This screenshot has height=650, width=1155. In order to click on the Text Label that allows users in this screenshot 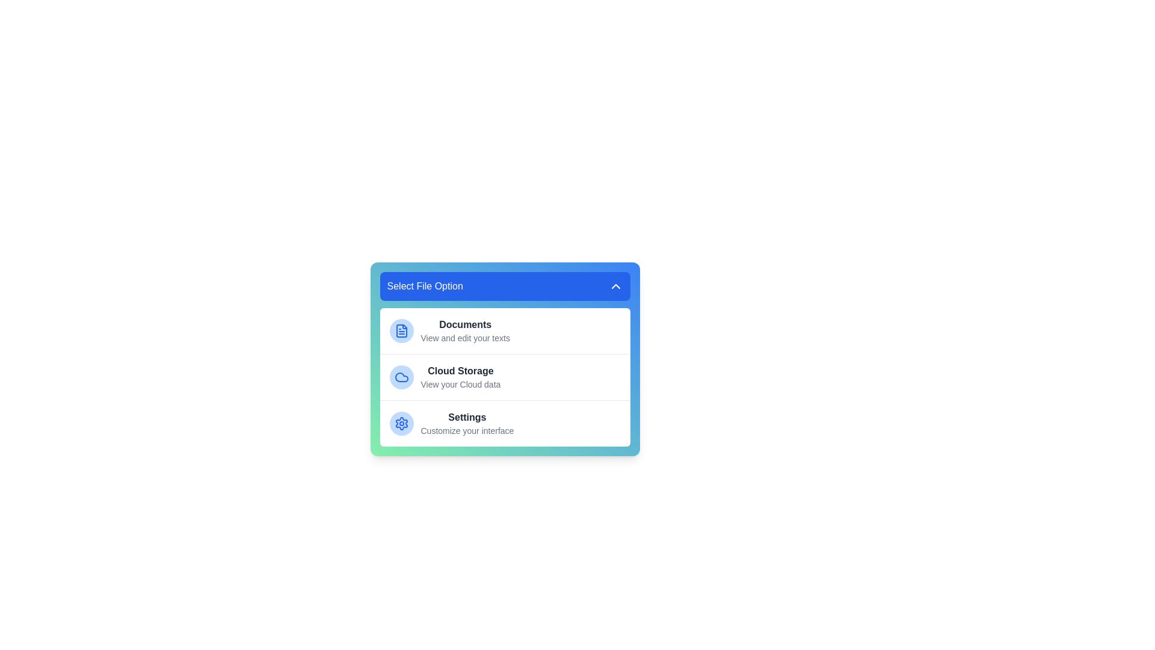, I will do `click(460, 377)`.